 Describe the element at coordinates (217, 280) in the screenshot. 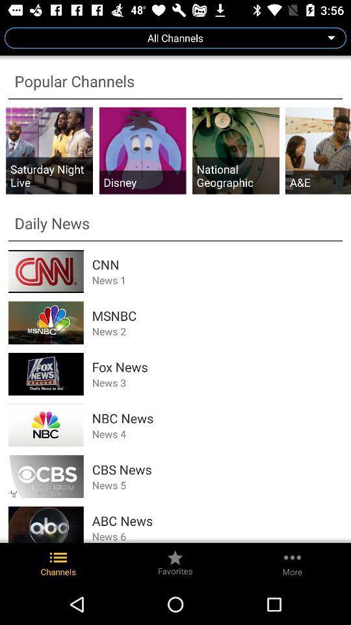

I see `the news 1 icon` at that location.